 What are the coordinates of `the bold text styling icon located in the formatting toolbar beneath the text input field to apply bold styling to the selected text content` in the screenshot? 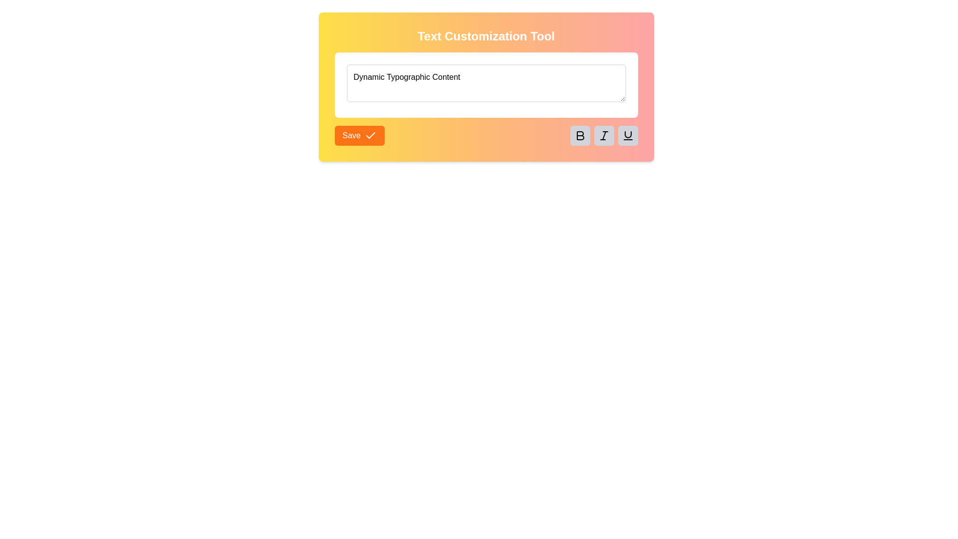 It's located at (580, 136).